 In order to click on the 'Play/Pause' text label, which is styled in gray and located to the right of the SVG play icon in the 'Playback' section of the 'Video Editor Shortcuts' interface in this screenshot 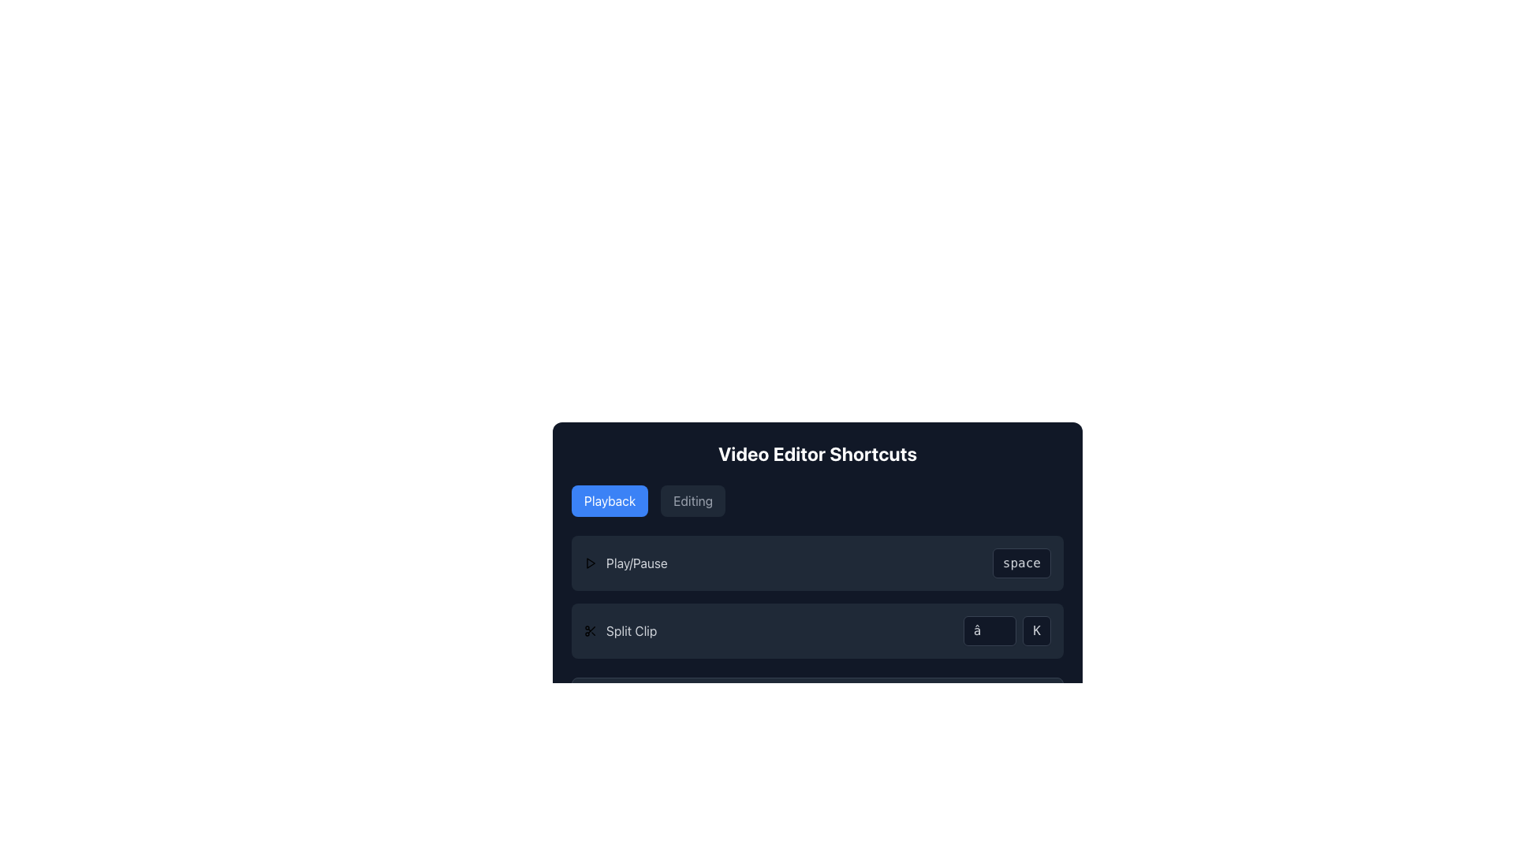, I will do `click(636, 562)`.